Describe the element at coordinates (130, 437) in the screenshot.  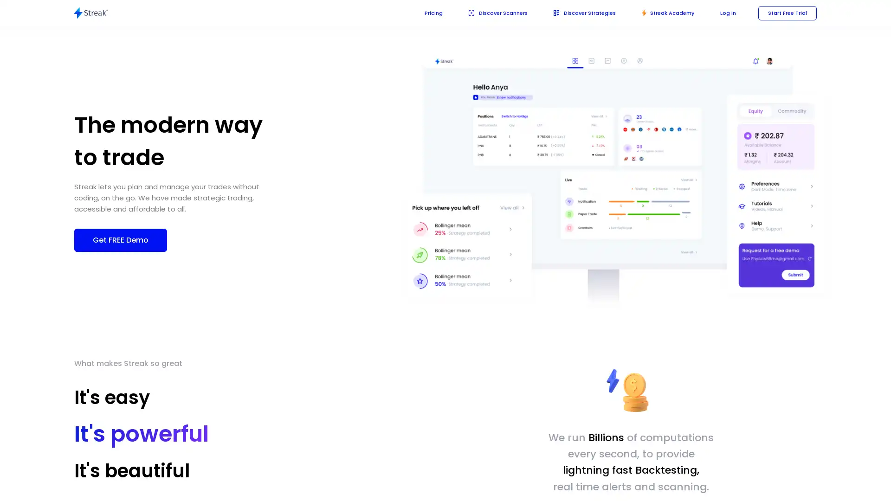
I see `It's powerful` at that location.